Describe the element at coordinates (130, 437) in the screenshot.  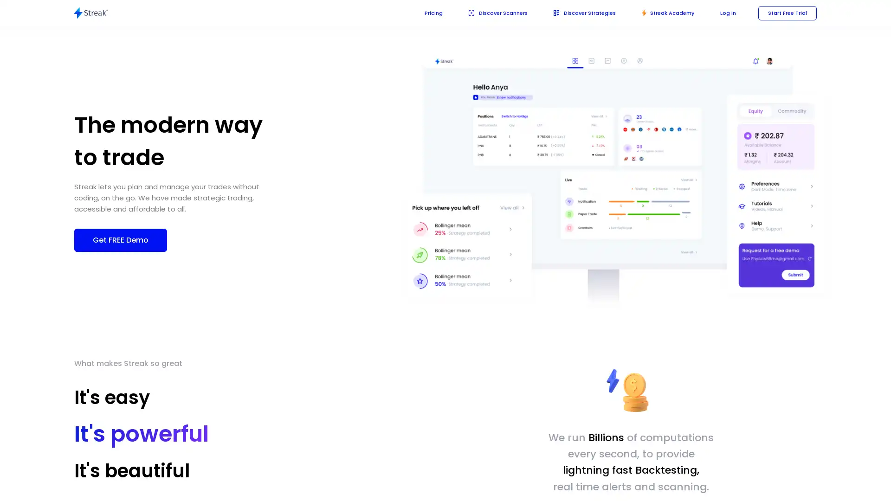
I see `It's powerful` at that location.